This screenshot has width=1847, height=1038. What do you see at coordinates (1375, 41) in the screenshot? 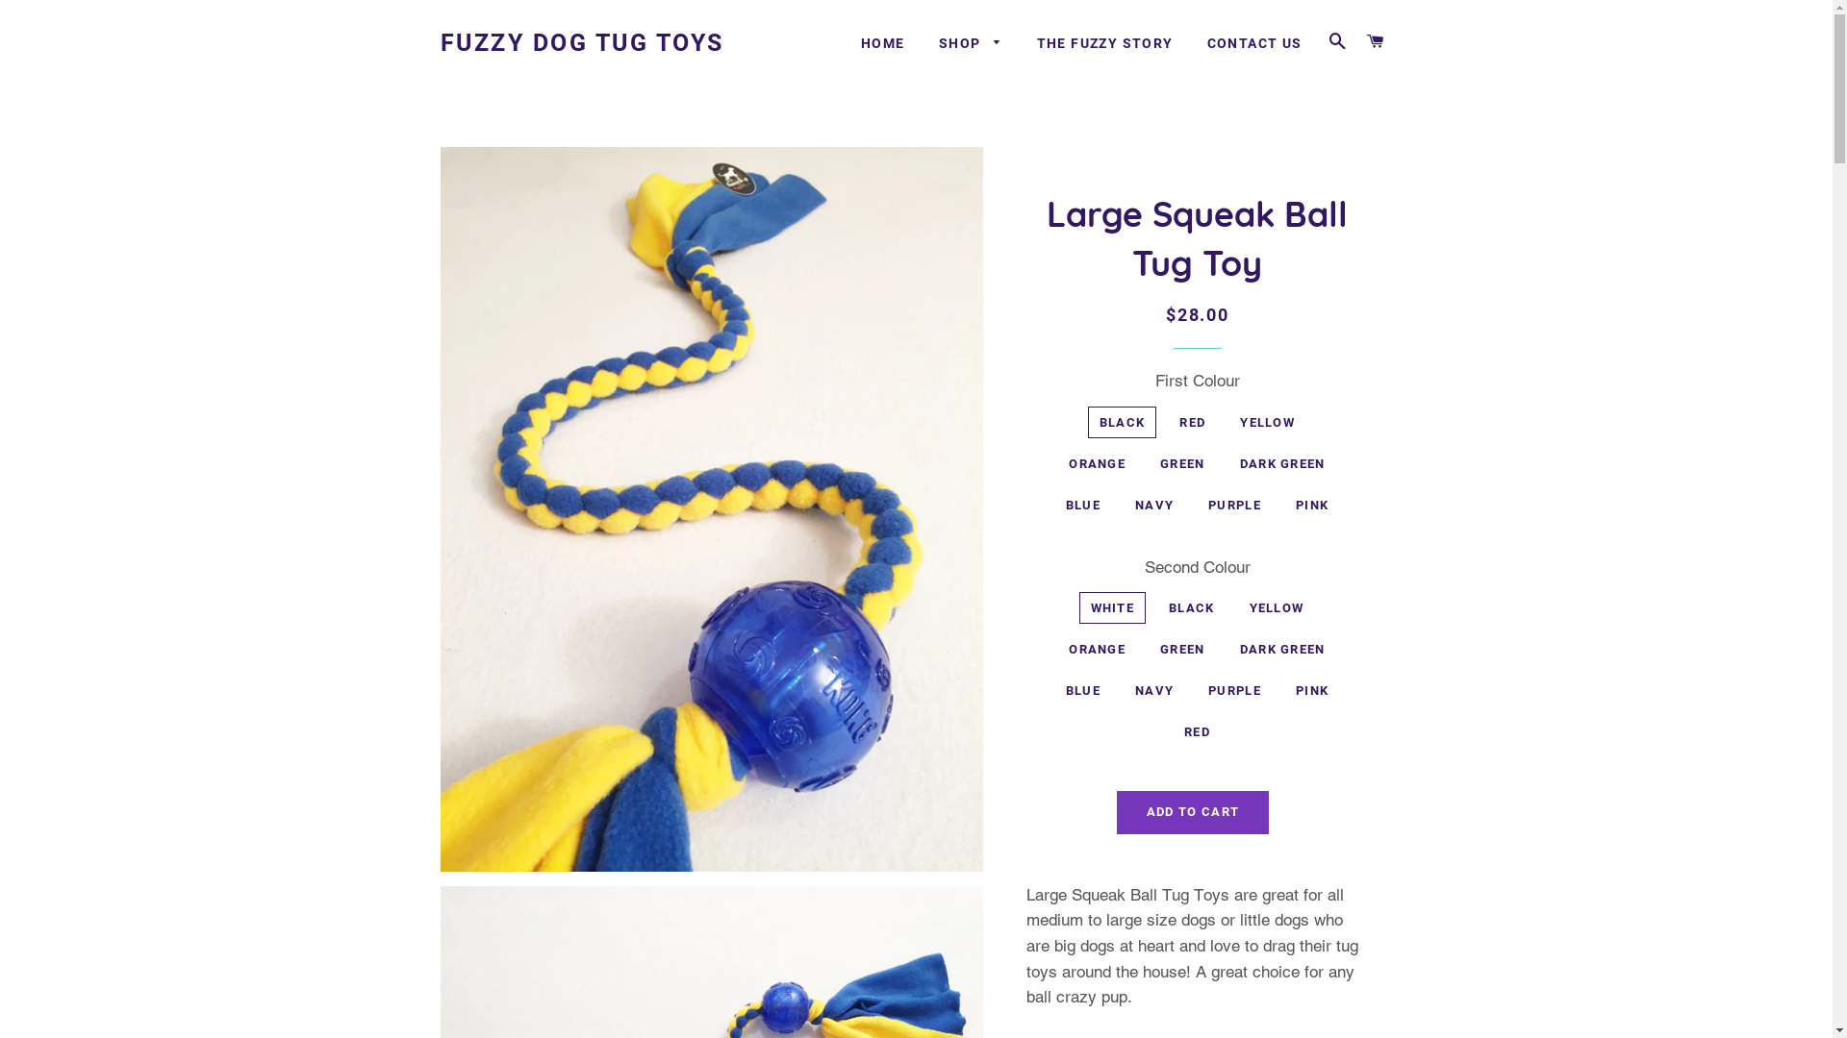
I see `'CART'` at bounding box center [1375, 41].